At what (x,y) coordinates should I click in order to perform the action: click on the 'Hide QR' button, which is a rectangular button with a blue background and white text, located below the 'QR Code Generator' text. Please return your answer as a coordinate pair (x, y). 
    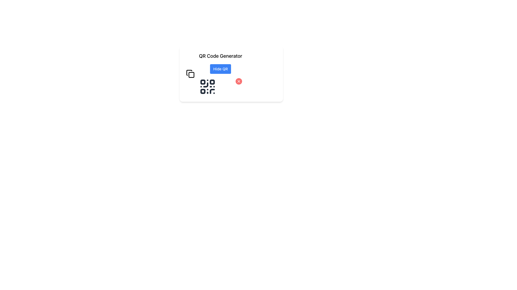
    Looking at the image, I should click on (221, 69).